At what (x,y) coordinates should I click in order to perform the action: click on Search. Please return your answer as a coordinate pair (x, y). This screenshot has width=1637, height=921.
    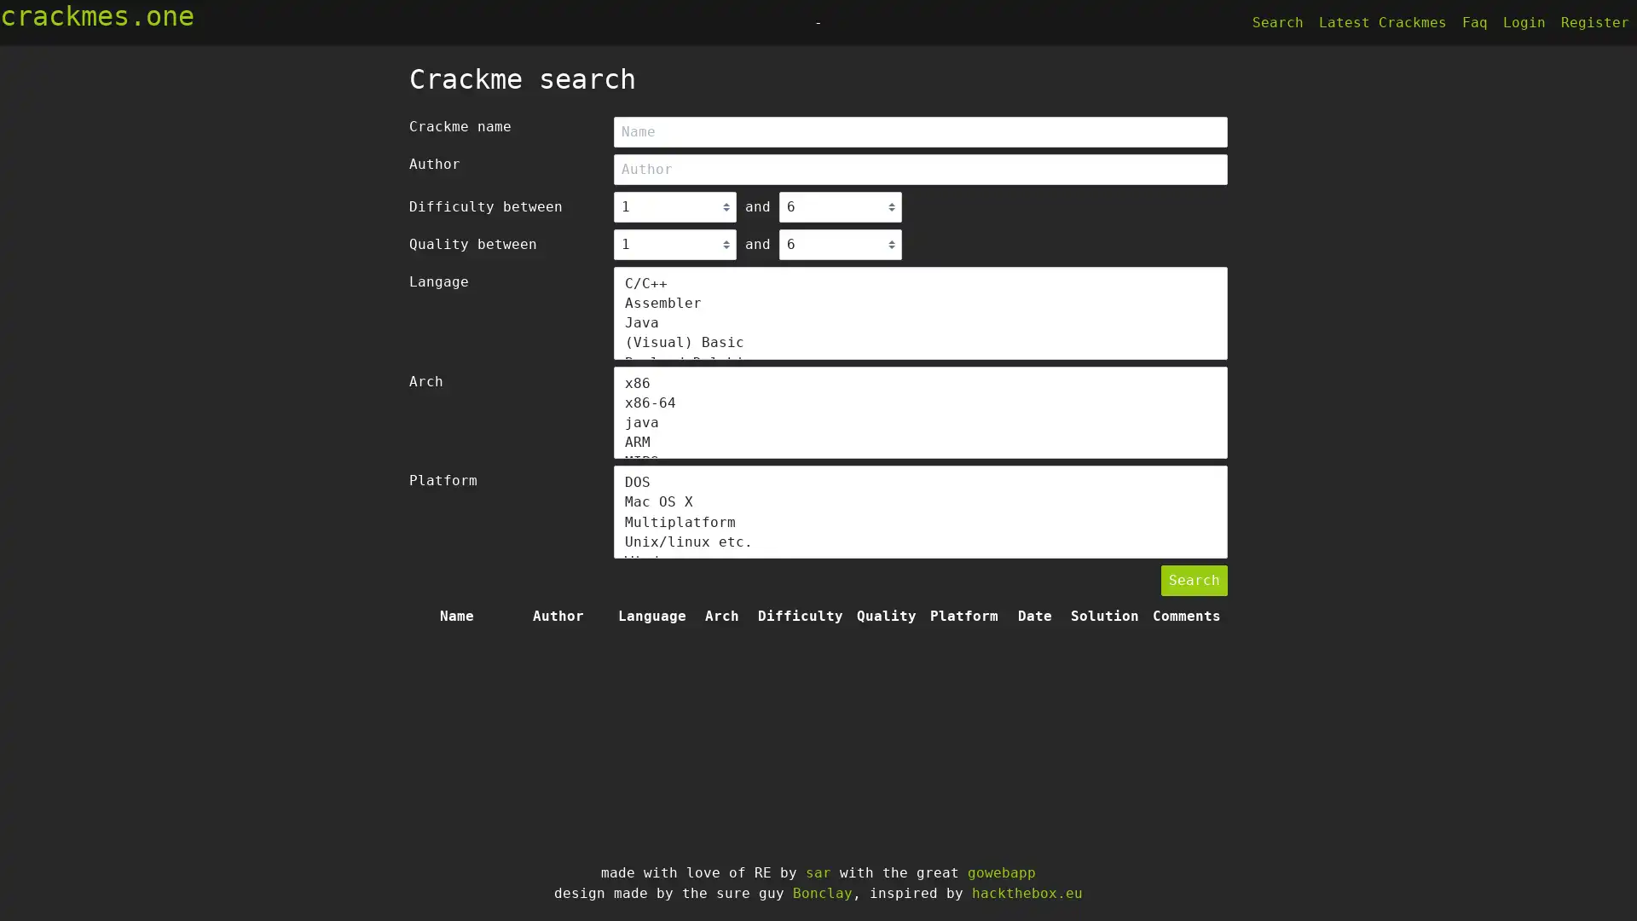
    Looking at the image, I should click on (1194, 580).